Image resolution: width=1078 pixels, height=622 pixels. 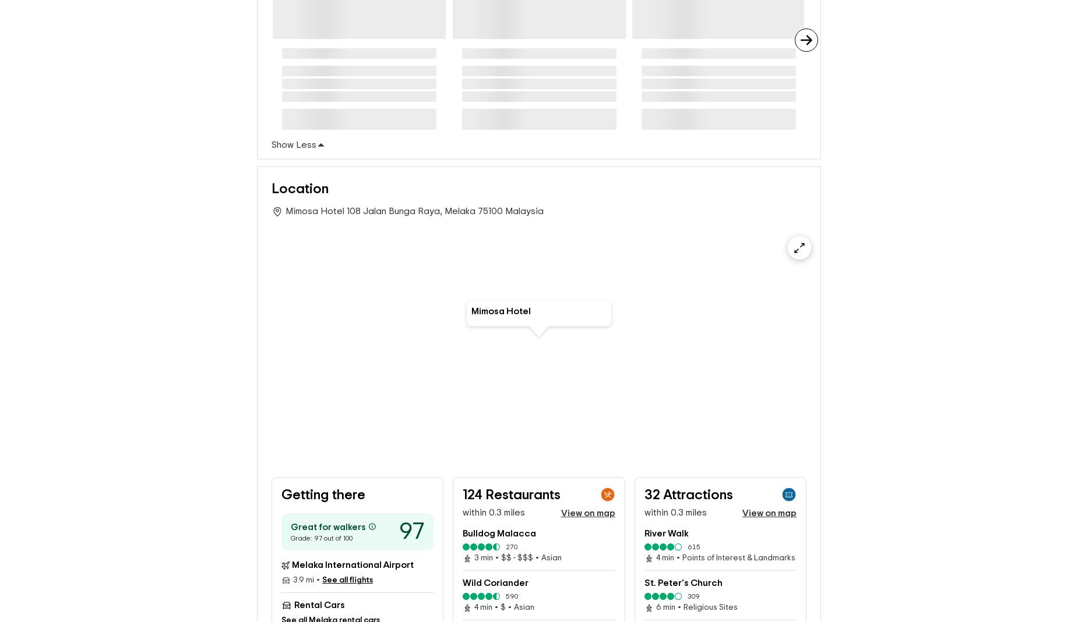 What do you see at coordinates (495, 582) in the screenshot?
I see `'Wild Coriander'` at bounding box center [495, 582].